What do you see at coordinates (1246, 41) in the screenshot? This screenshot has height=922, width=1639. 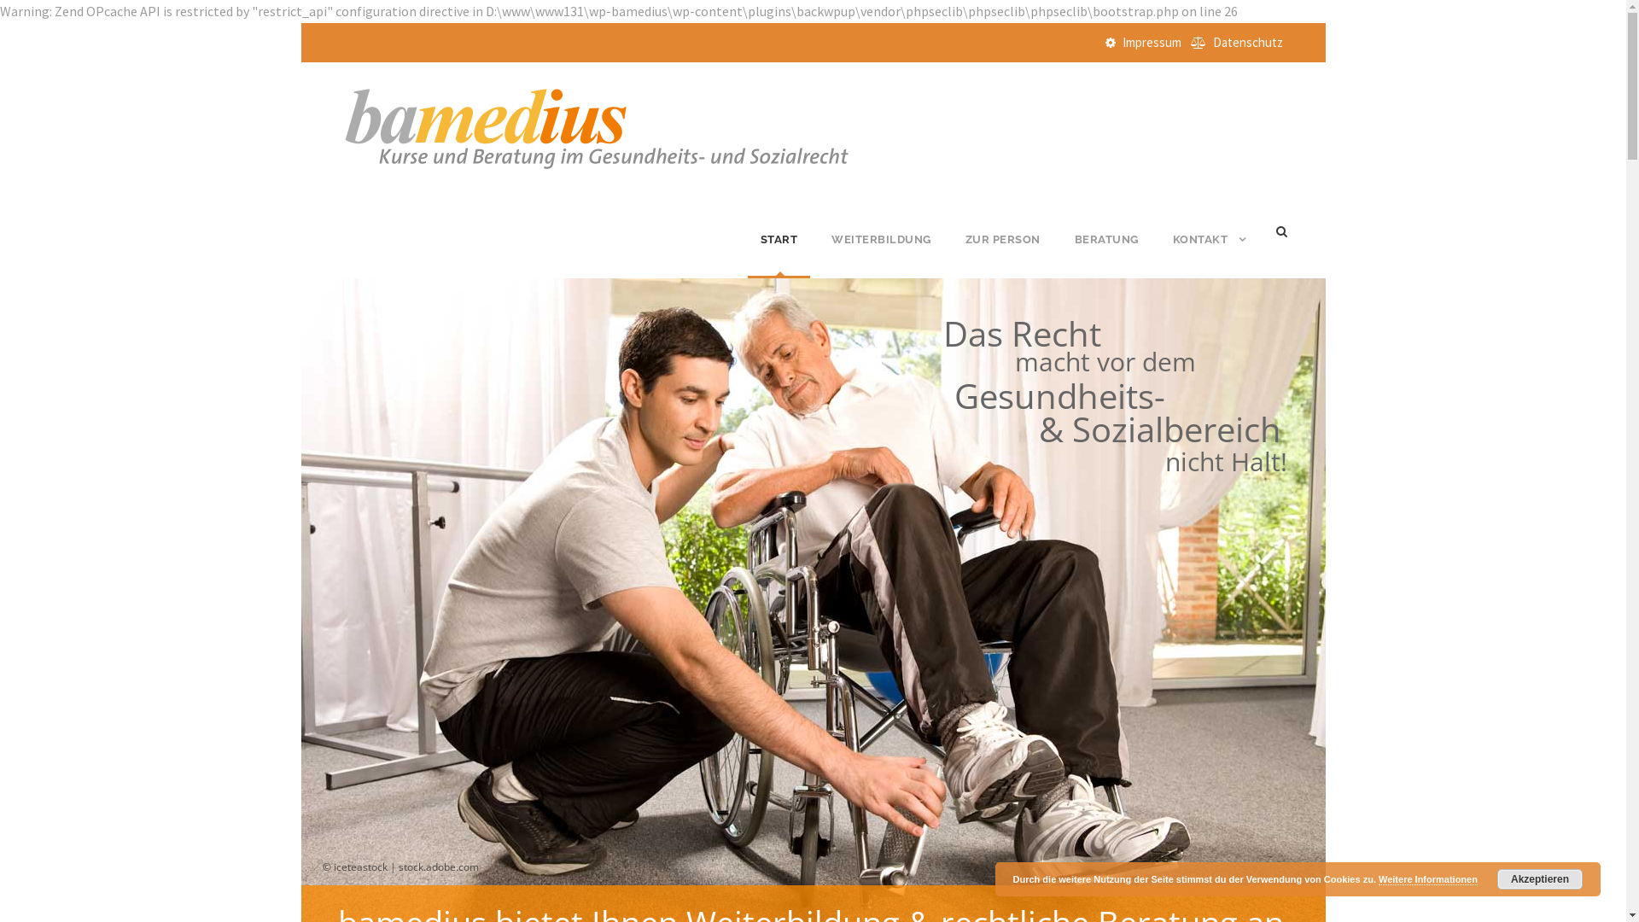 I see `'Datenschutz'` at bounding box center [1246, 41].